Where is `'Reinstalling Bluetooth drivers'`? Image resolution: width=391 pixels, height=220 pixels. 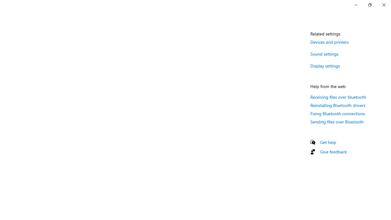 'Reinstalling Bluetooth drivers' is located at coordinates (338, 105).